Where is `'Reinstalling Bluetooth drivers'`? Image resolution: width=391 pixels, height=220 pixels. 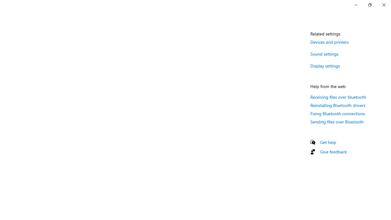 'Reinstalling Bluetooth drivers' is located at coordinates (338, 105).